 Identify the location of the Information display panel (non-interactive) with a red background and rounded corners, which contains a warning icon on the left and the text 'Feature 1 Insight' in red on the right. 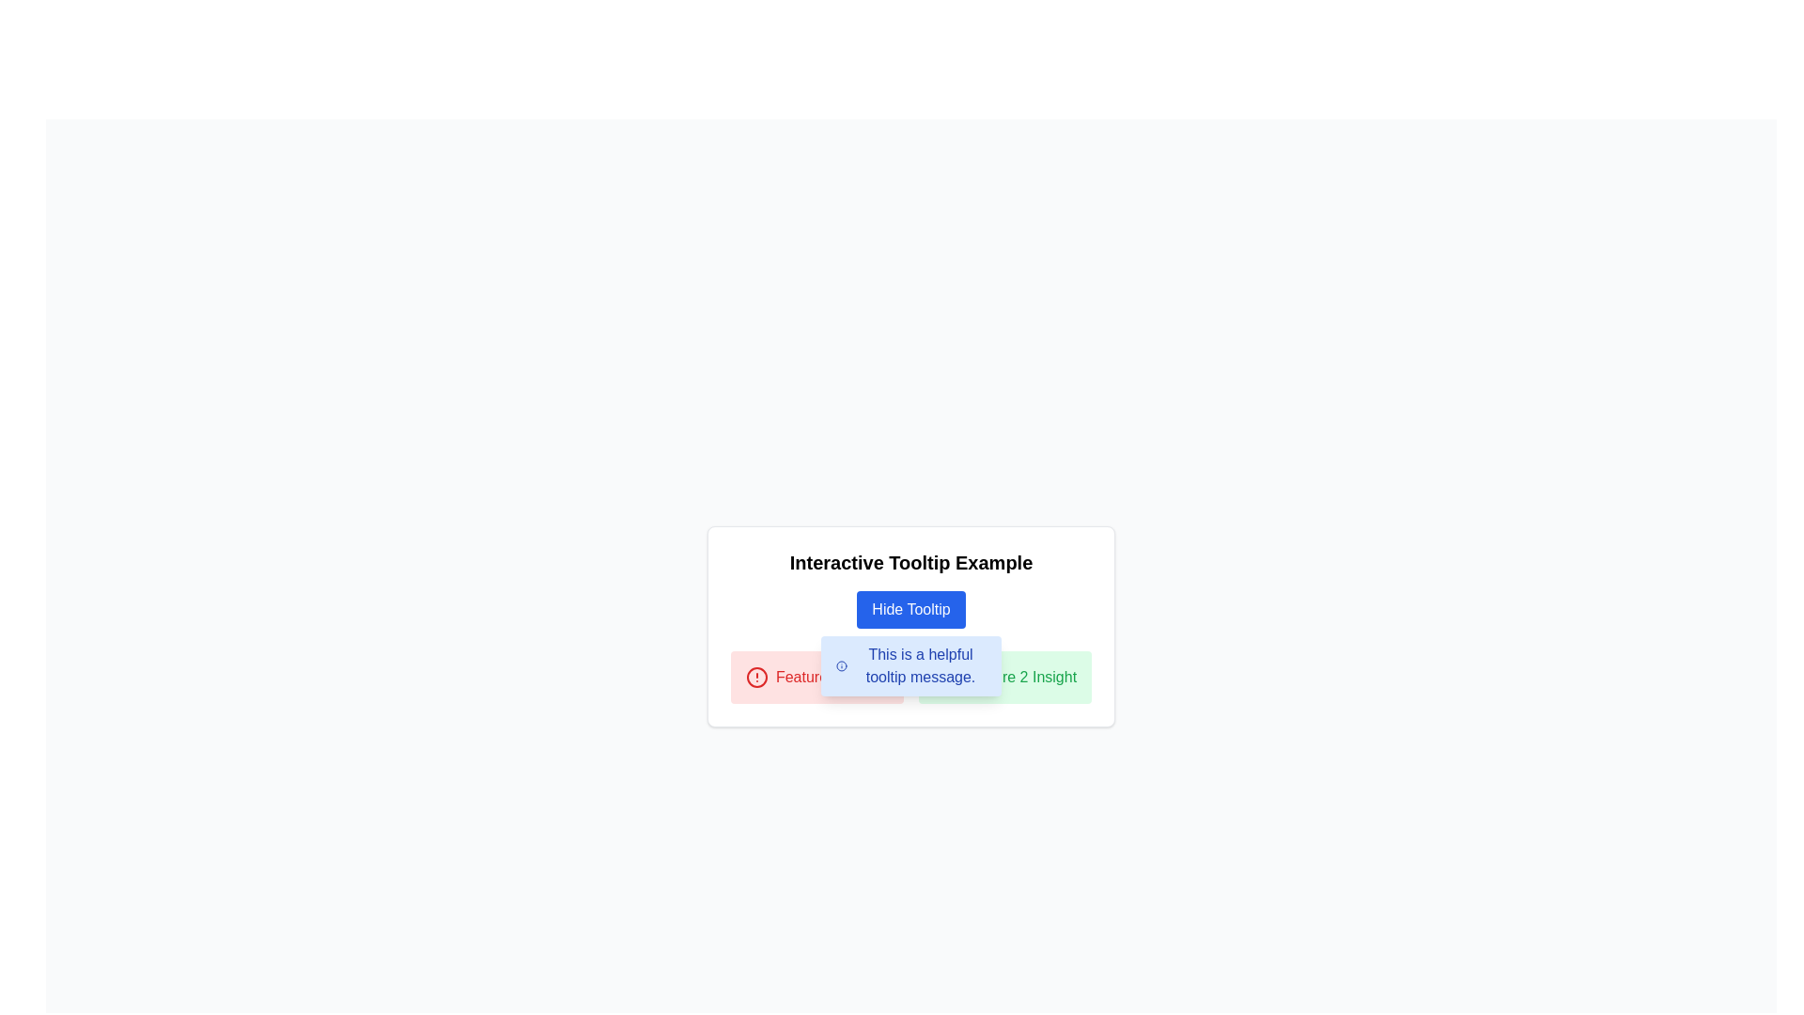
(816, 678).